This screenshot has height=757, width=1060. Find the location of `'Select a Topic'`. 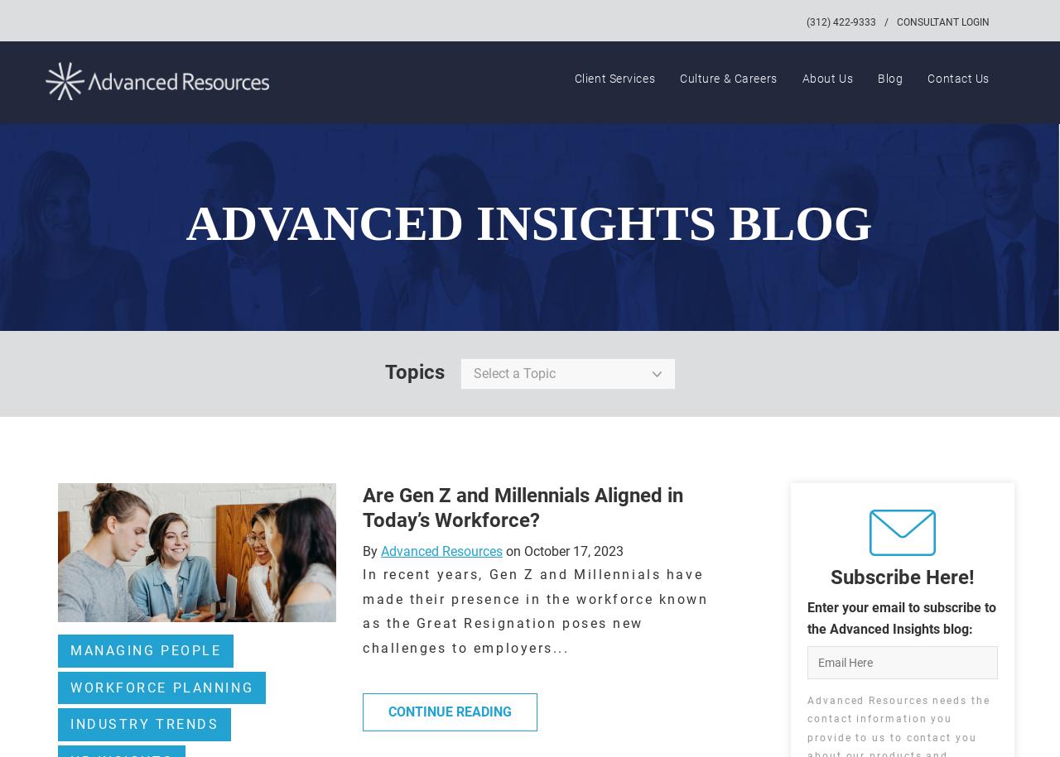

'Select a Topic' is located at coordinates (513, 373).